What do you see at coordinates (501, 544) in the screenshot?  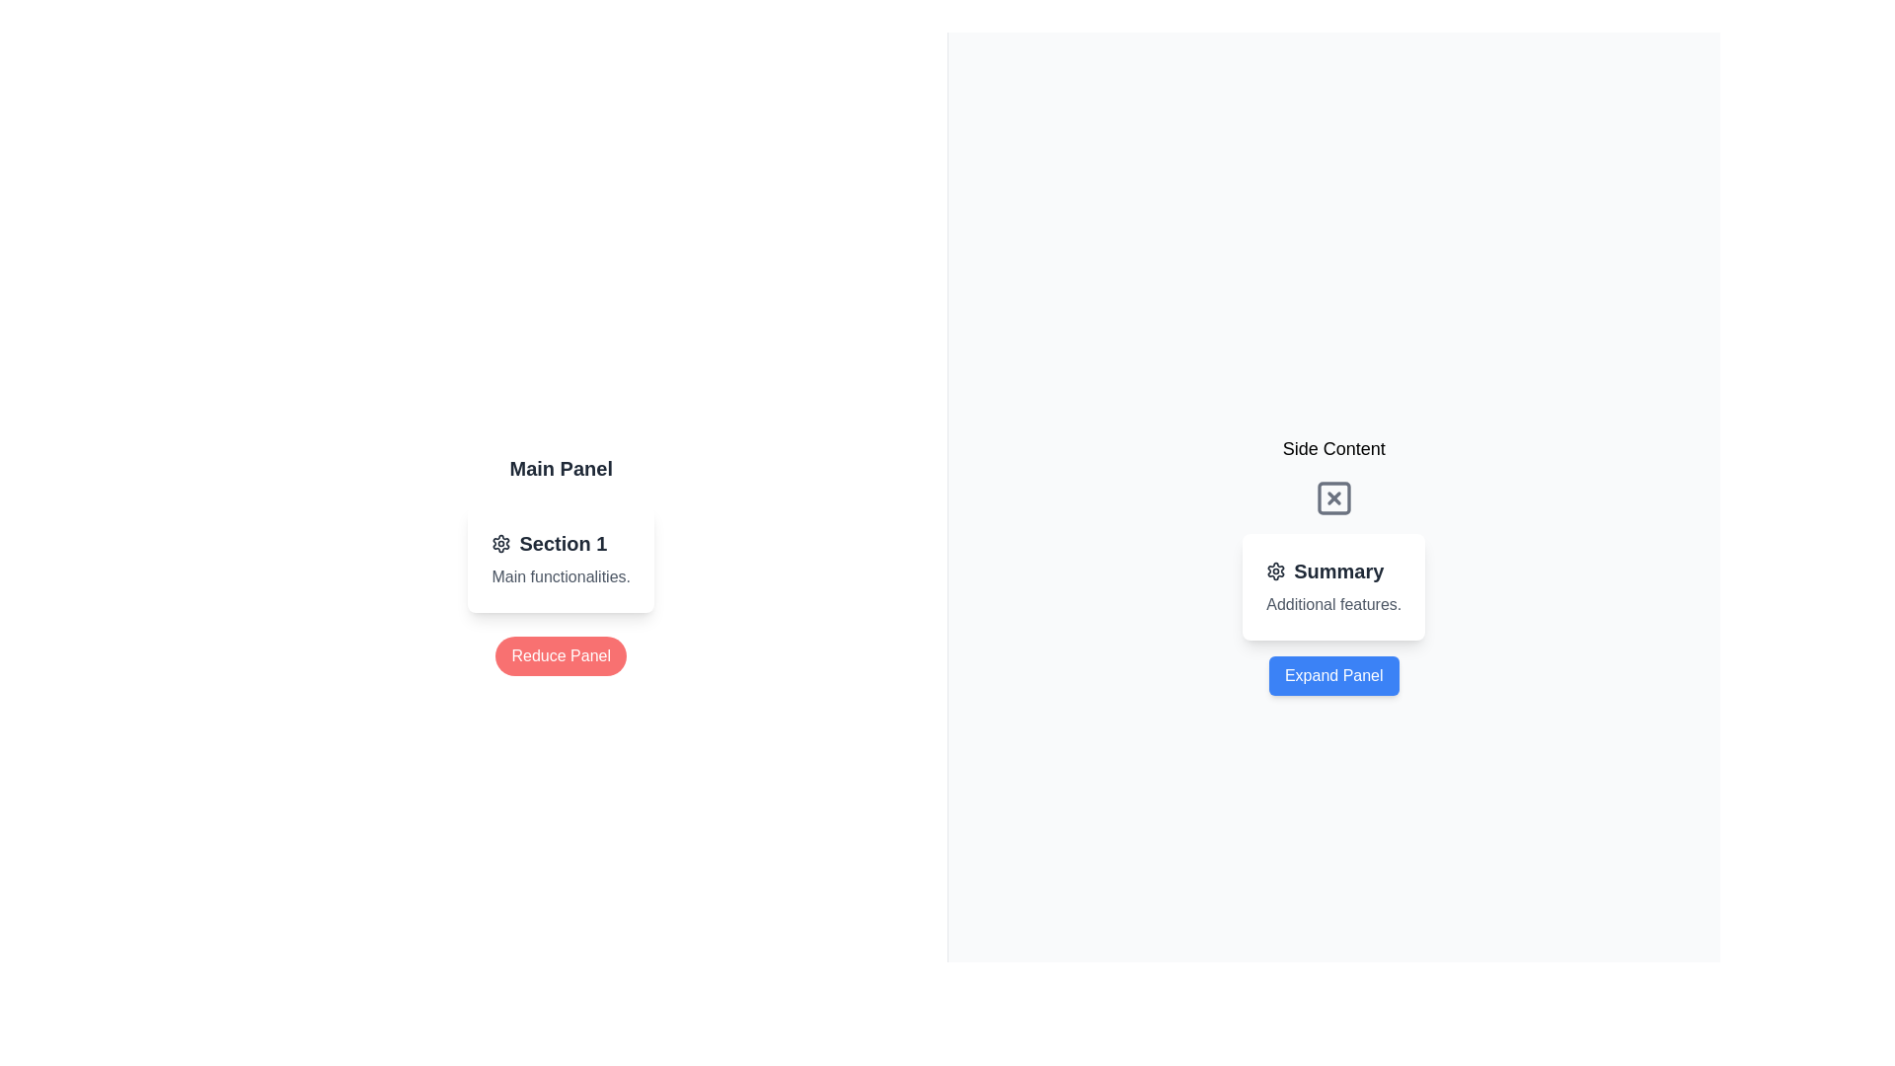 I see `the gear-like icon that symbolizes settings, located to the left of the 'Section 1' label in the 'Main Panel' area` at bounding box center [501, 544].